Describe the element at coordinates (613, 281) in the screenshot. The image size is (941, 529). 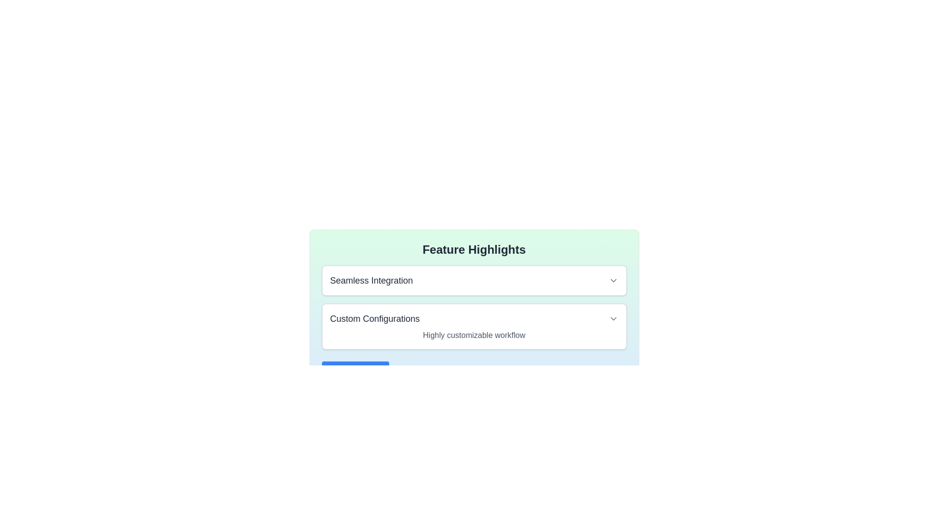
I see `the downward-pointing grayish arrow icon that serves as the Dropdown toggle, located to the right of the 'Seamless Integration' text` at that location.